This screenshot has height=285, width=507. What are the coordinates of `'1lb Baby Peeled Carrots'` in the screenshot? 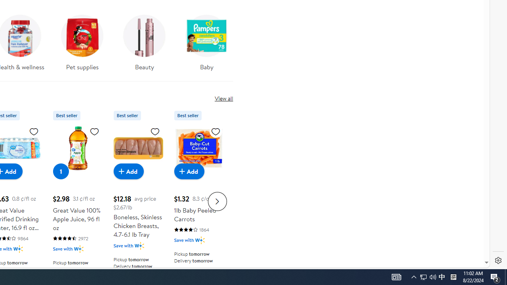 It's located at (198, 148).